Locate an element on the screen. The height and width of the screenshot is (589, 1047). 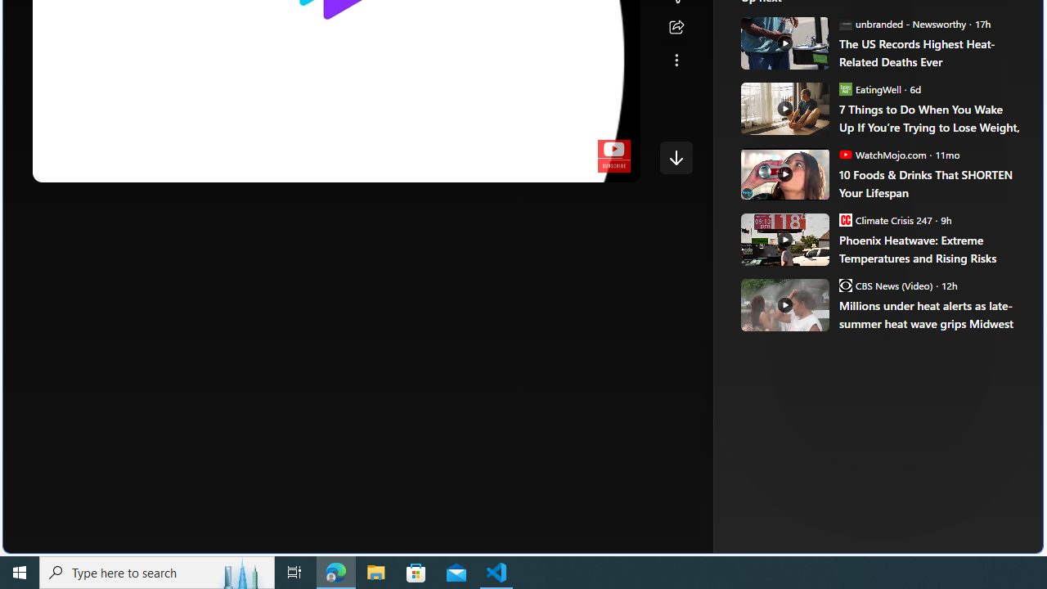
'Climate Crisis 247 Climate Crisis 247' is located at coordinates (884, 218).